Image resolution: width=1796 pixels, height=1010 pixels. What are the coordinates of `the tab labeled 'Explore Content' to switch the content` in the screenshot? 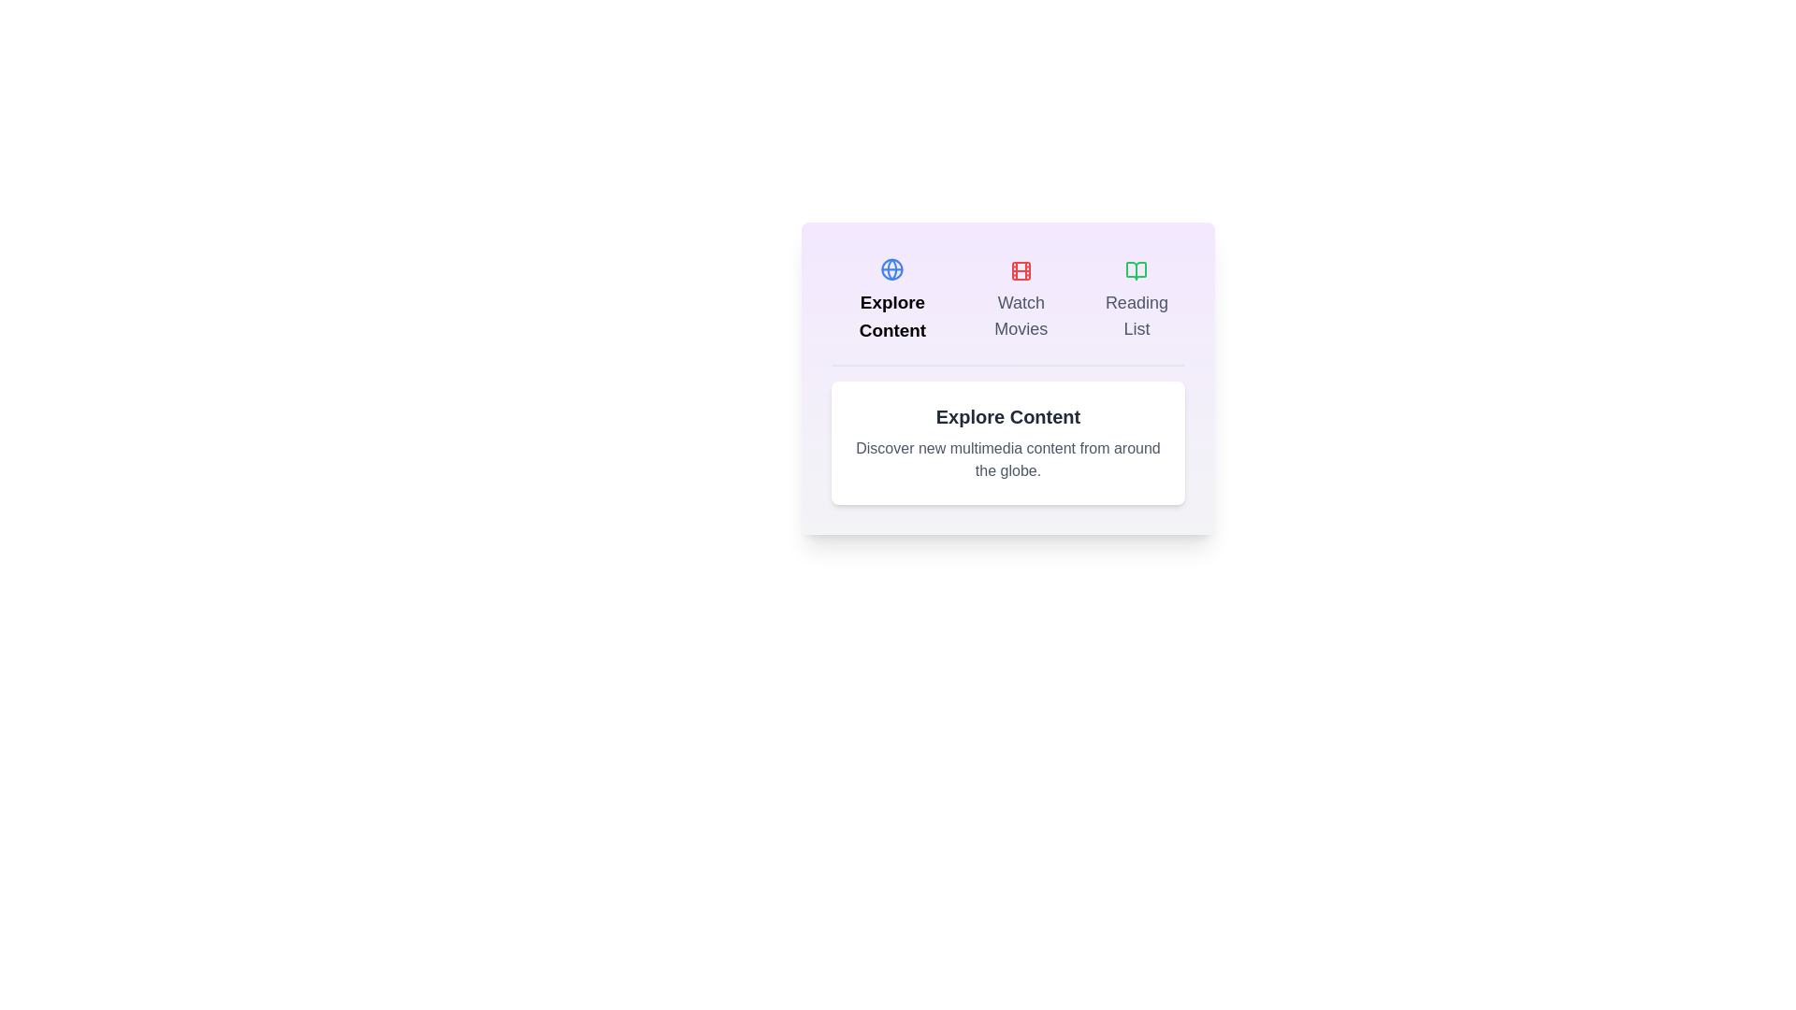 It's located at (891, 299).